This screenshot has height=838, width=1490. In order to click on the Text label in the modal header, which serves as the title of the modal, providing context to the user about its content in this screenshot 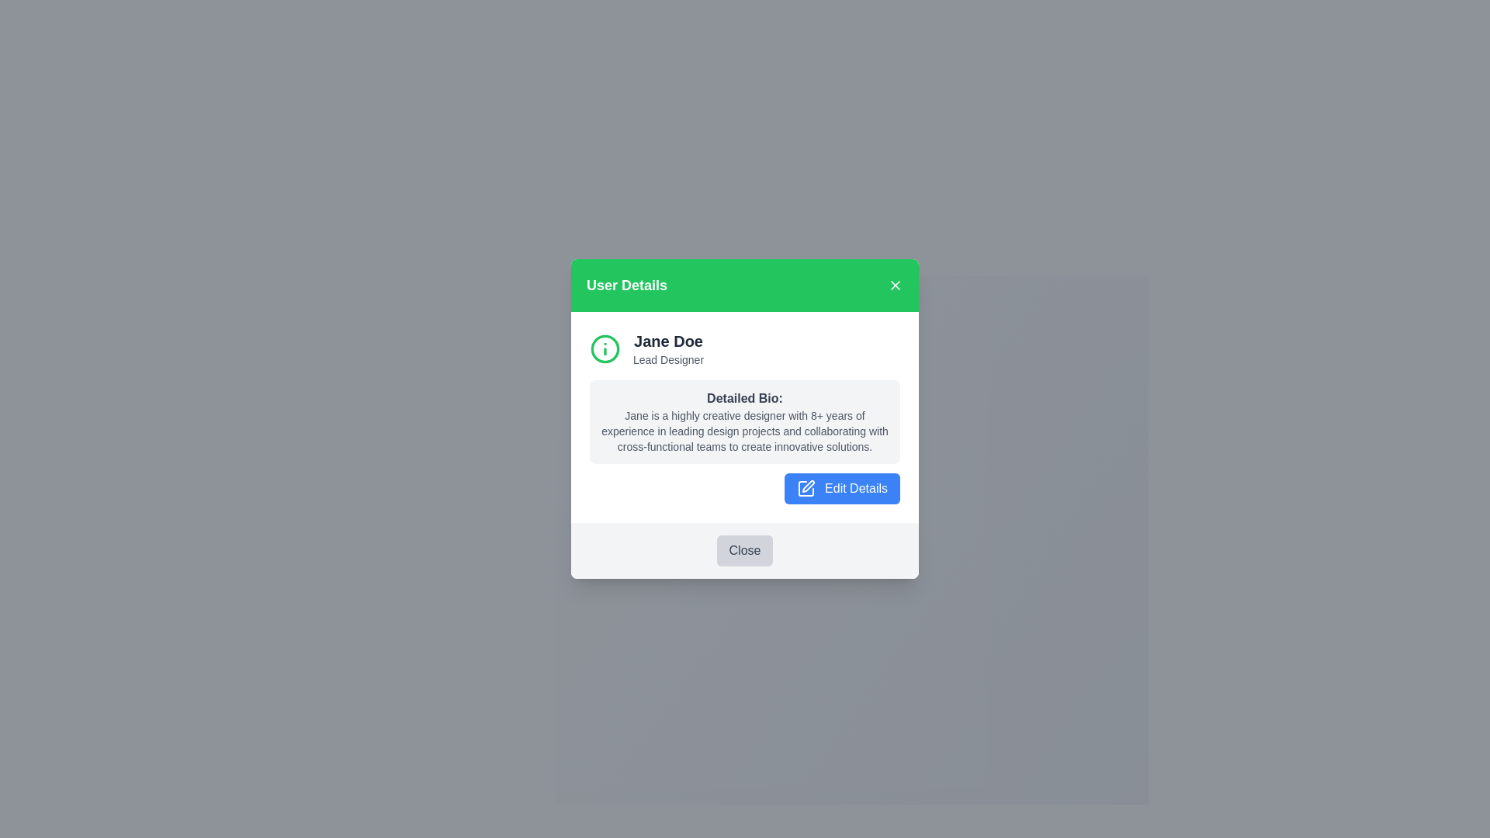, I will do `click(626, 285)`.